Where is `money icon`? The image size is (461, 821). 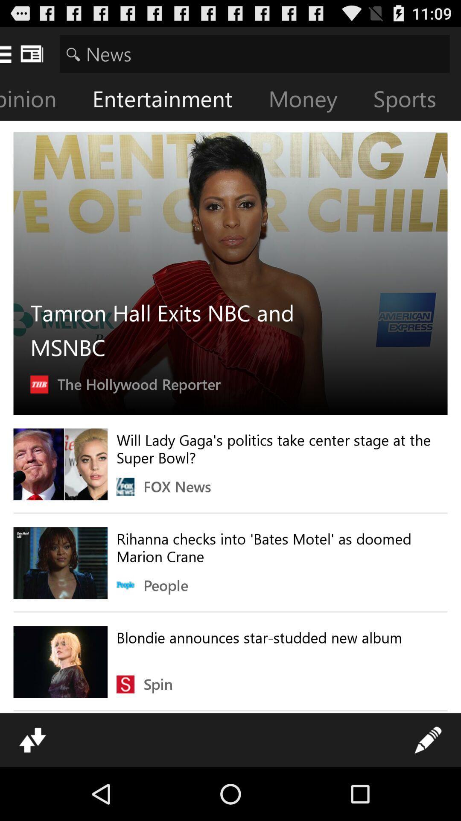 money icon is located at coordinates (309, 100).